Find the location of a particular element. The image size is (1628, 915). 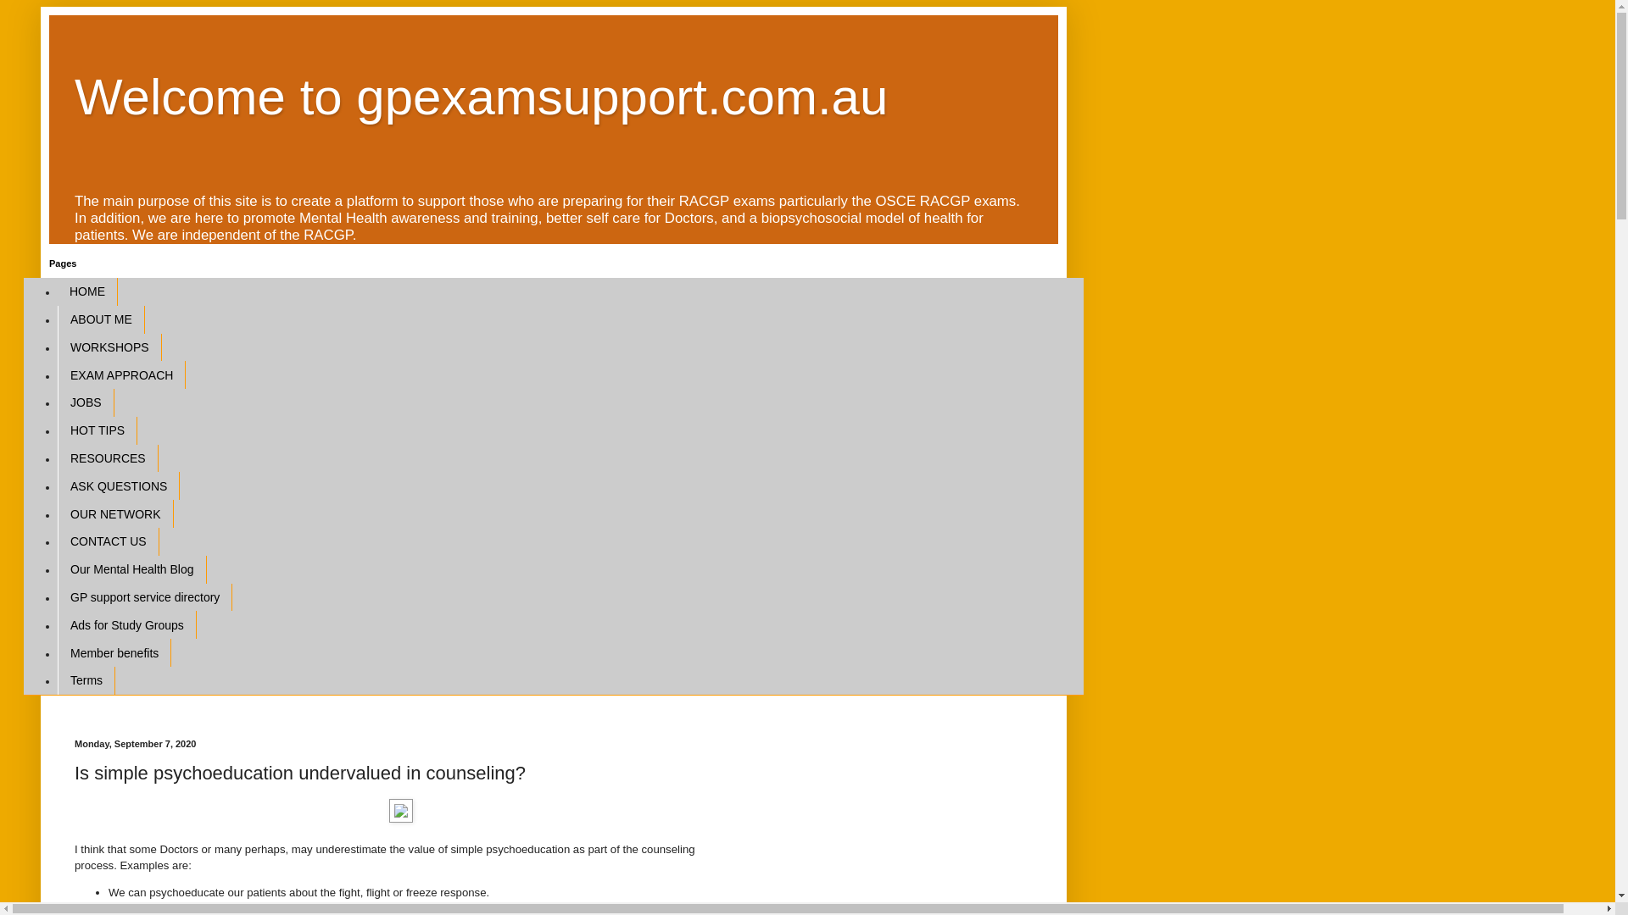

'Ads for Study Groups' is located at coordinates (125, 624).